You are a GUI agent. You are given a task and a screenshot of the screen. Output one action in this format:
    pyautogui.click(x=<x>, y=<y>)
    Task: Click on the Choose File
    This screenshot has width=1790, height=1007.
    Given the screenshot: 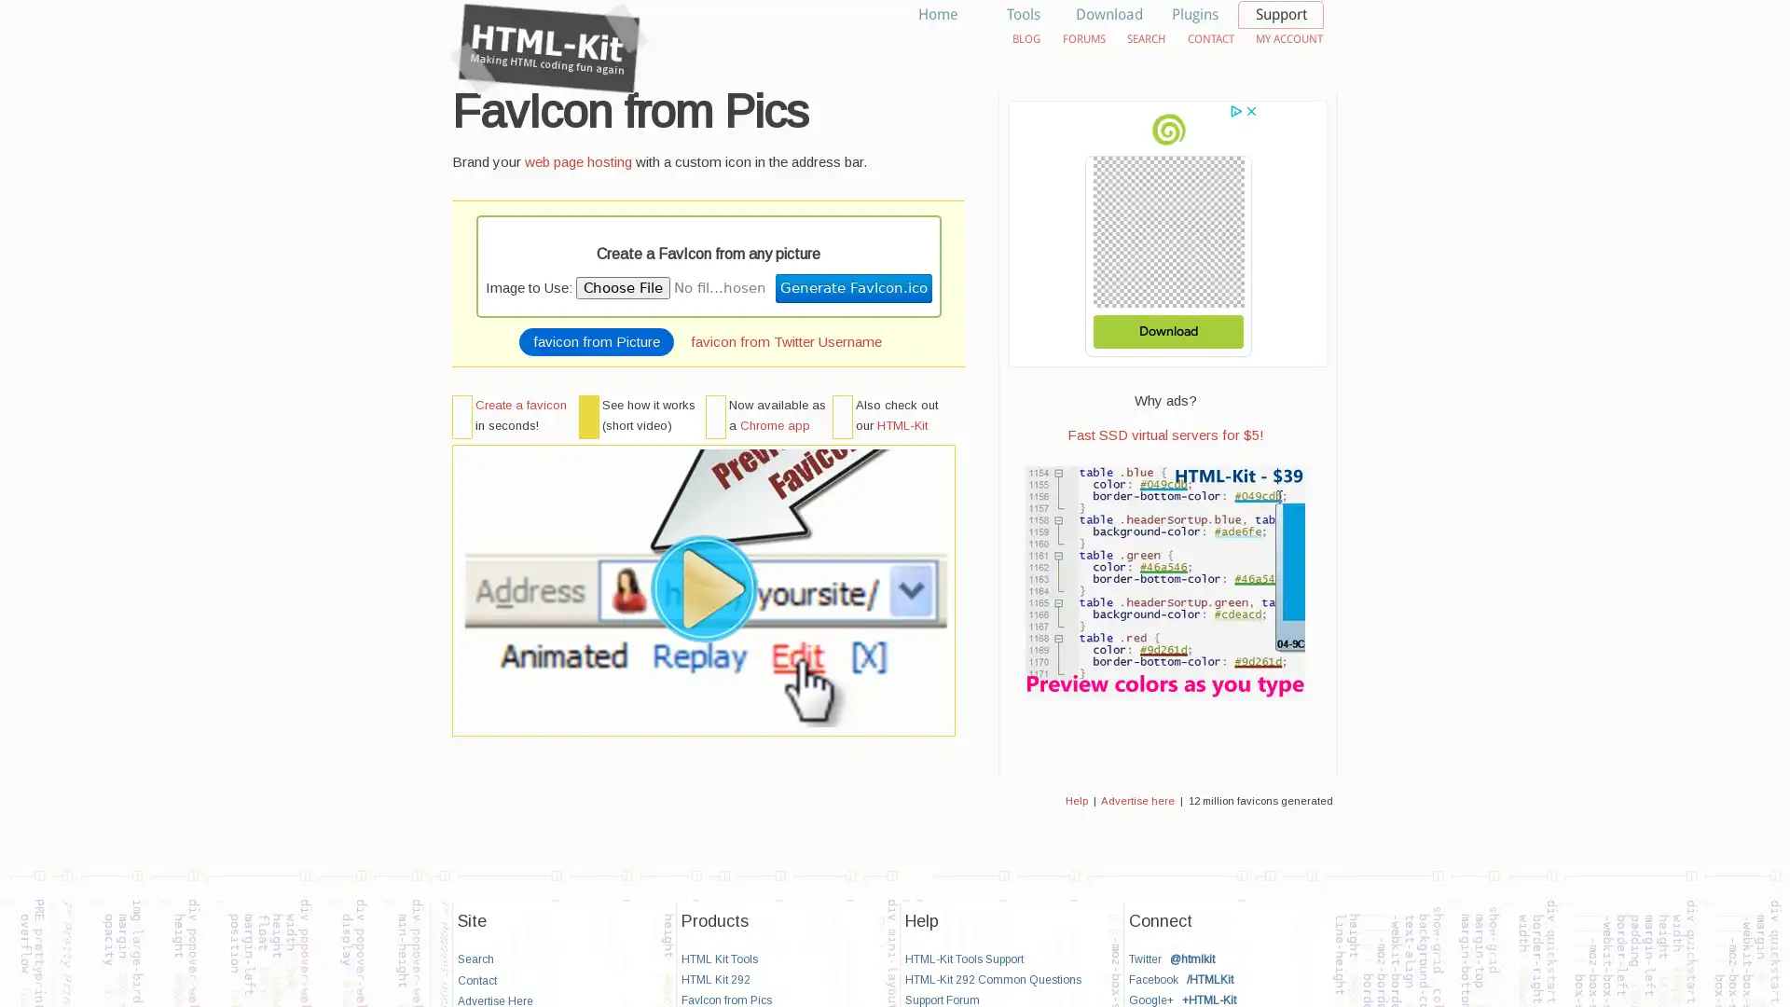 What is the action you would take?
    pyautogui.click(x=622, y=287)
    